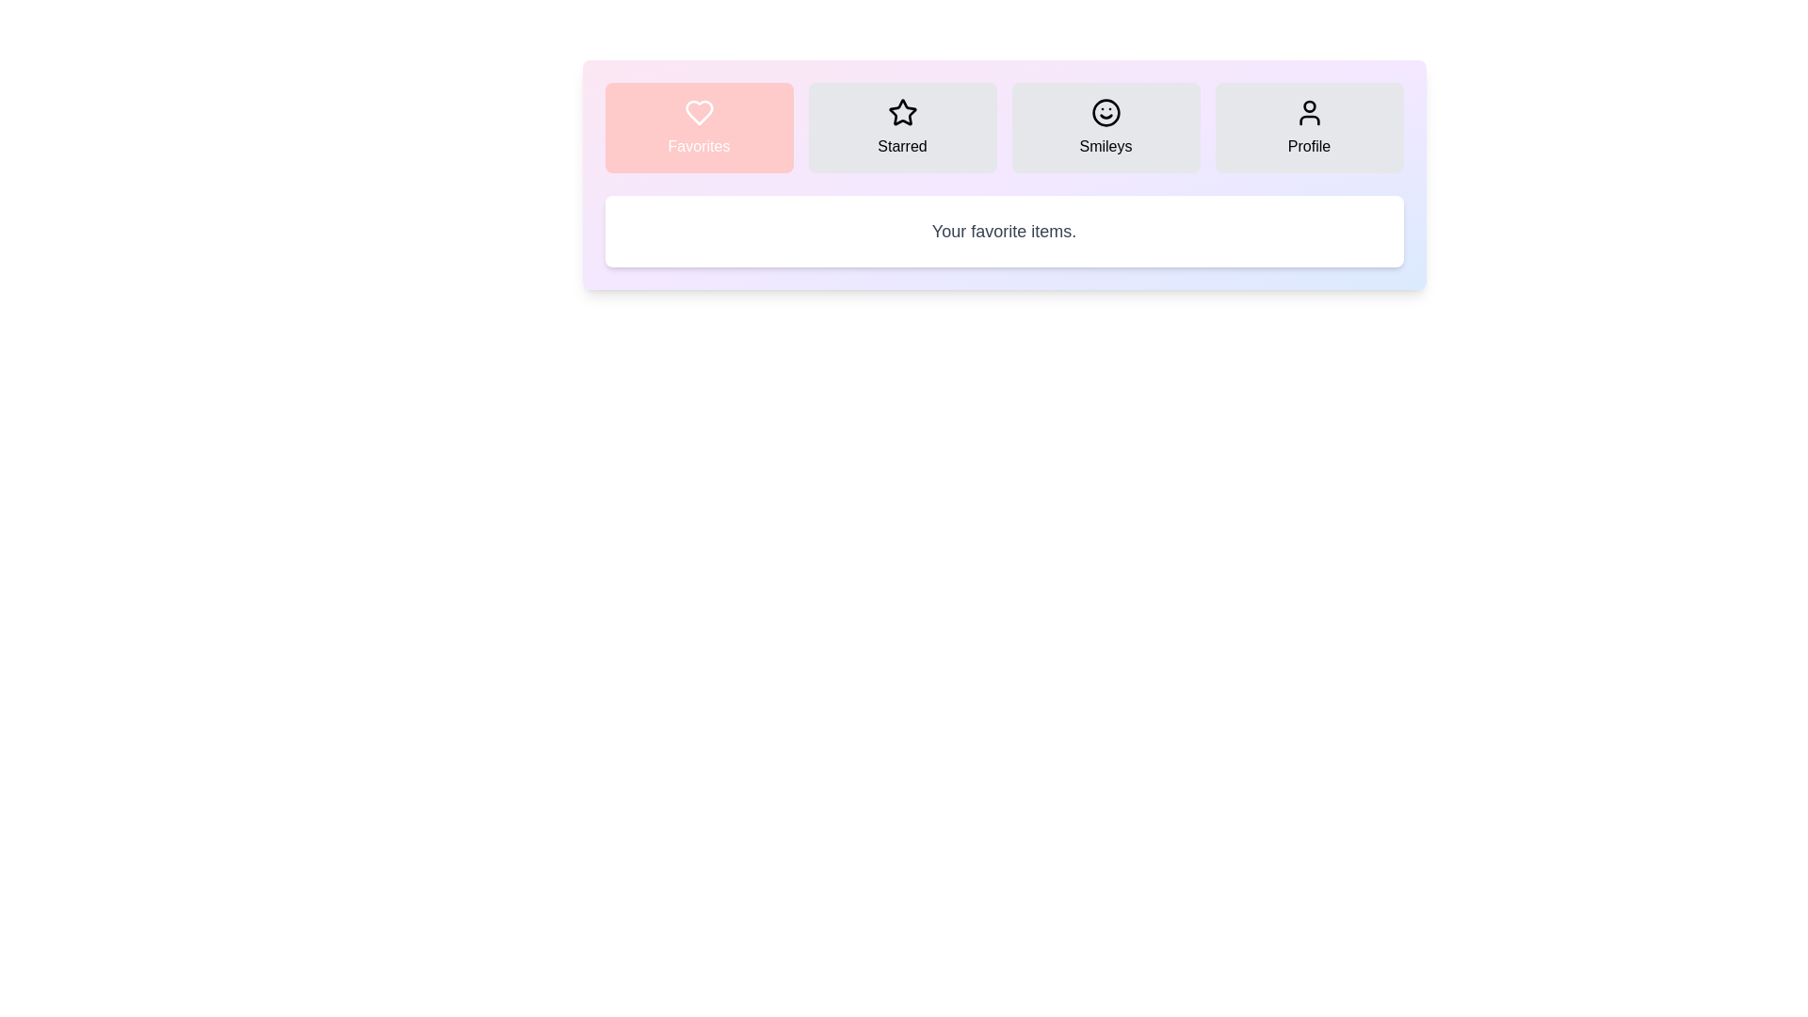  What do you see at coordinates (698, 127) in the screenshot?
I see `the Favorites tab by clicking on it` at bounding box center [698, 127].